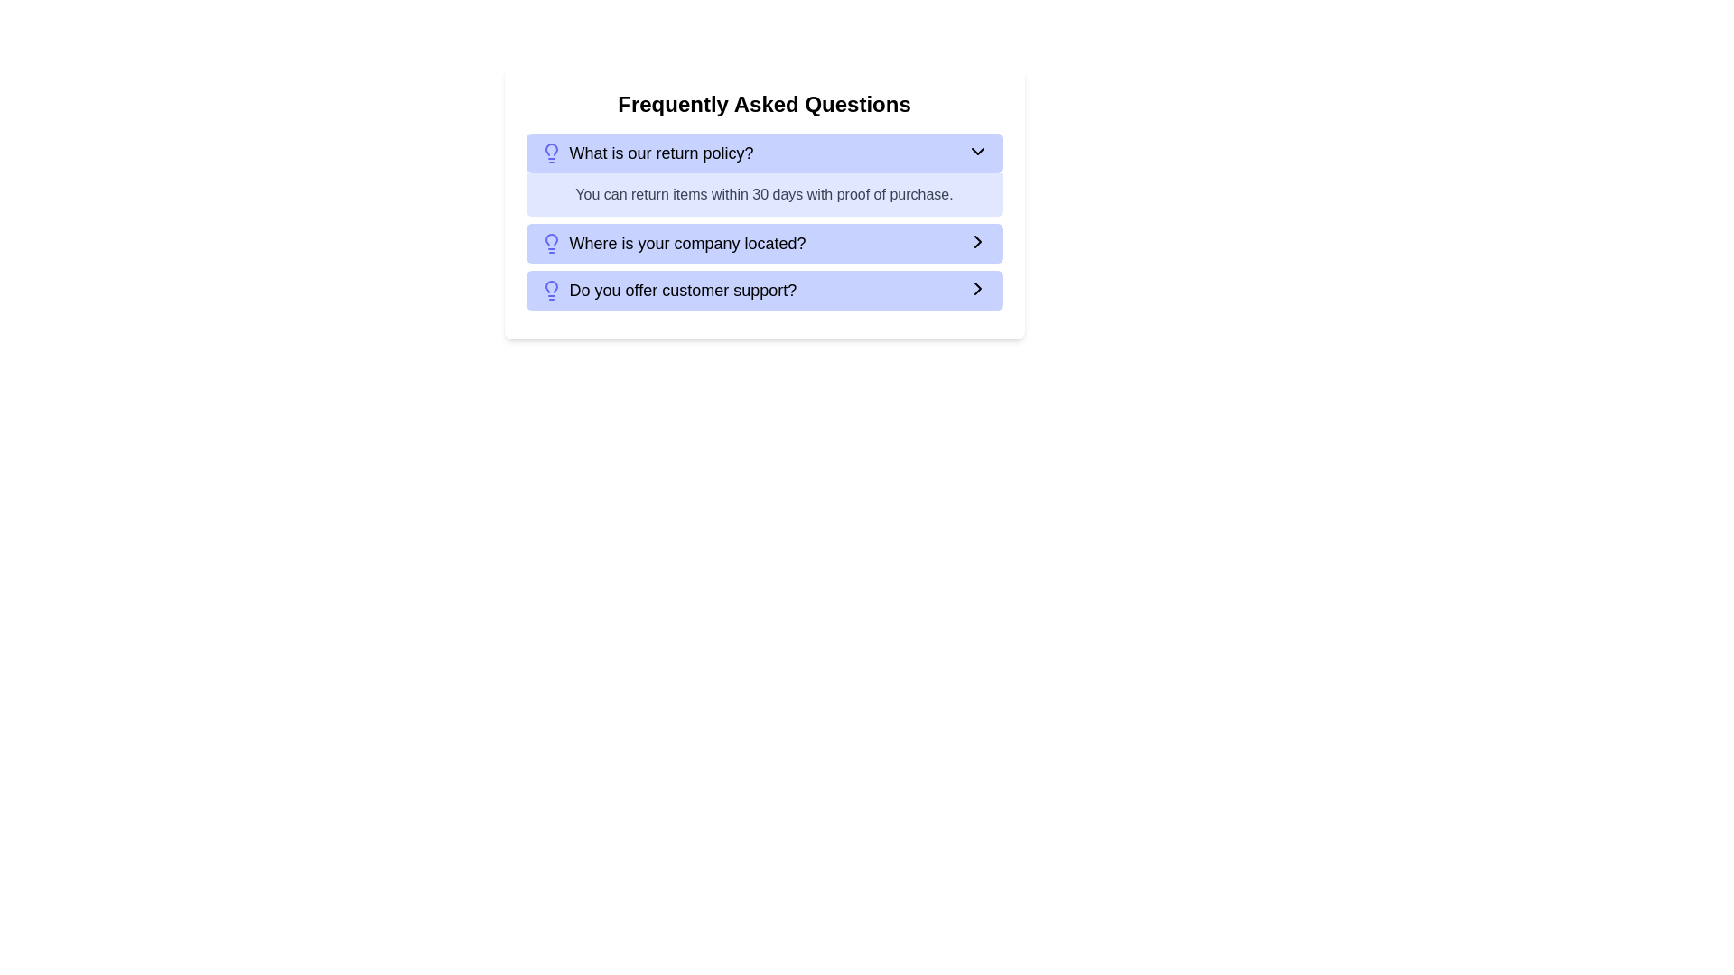 This screenshot has height=975, width=1734. Describe the element at coordinates (764, 244) in the screenshot. I see `the FAQ question 'Where is your company located?'` at that location.